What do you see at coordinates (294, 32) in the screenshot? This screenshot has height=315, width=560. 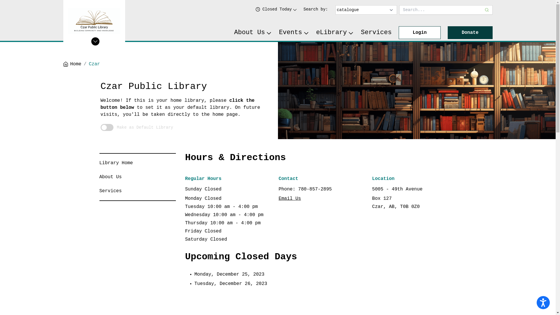 I see `'Events'` at bounding box center [294, 32].